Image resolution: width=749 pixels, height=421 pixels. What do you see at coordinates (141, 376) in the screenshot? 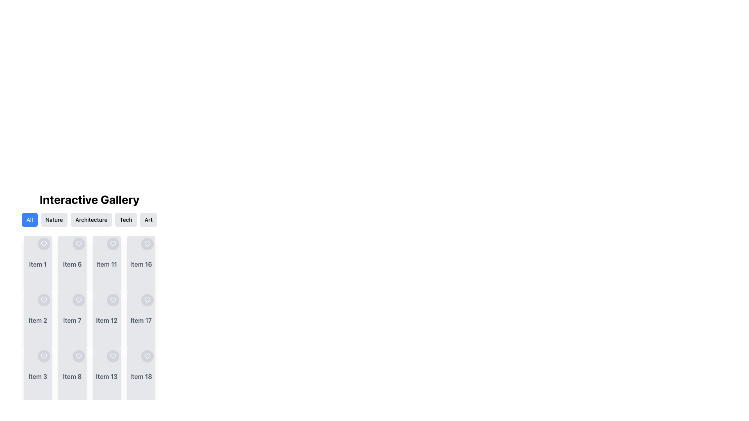
I see `the text label element that reads 'Item 18', styled in gray color and positioned near the bottom center of the card in the fourth column of a grid layout` at bounding box center [141, 376].